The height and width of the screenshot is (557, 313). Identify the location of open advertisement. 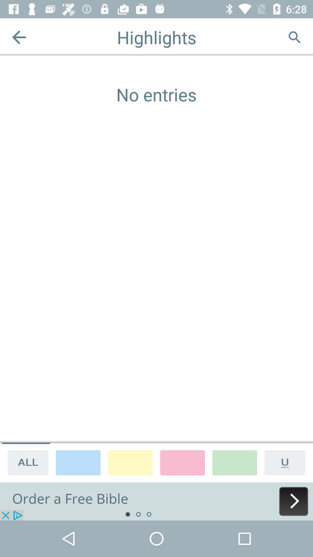
(156, 501).